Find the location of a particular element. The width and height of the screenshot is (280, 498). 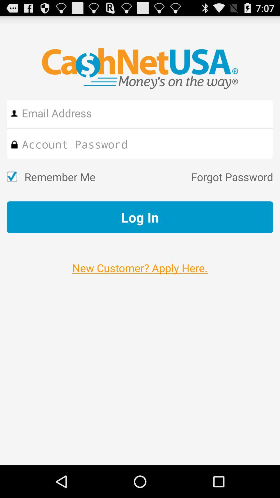

forgot password is located at coordinates (184, 177).